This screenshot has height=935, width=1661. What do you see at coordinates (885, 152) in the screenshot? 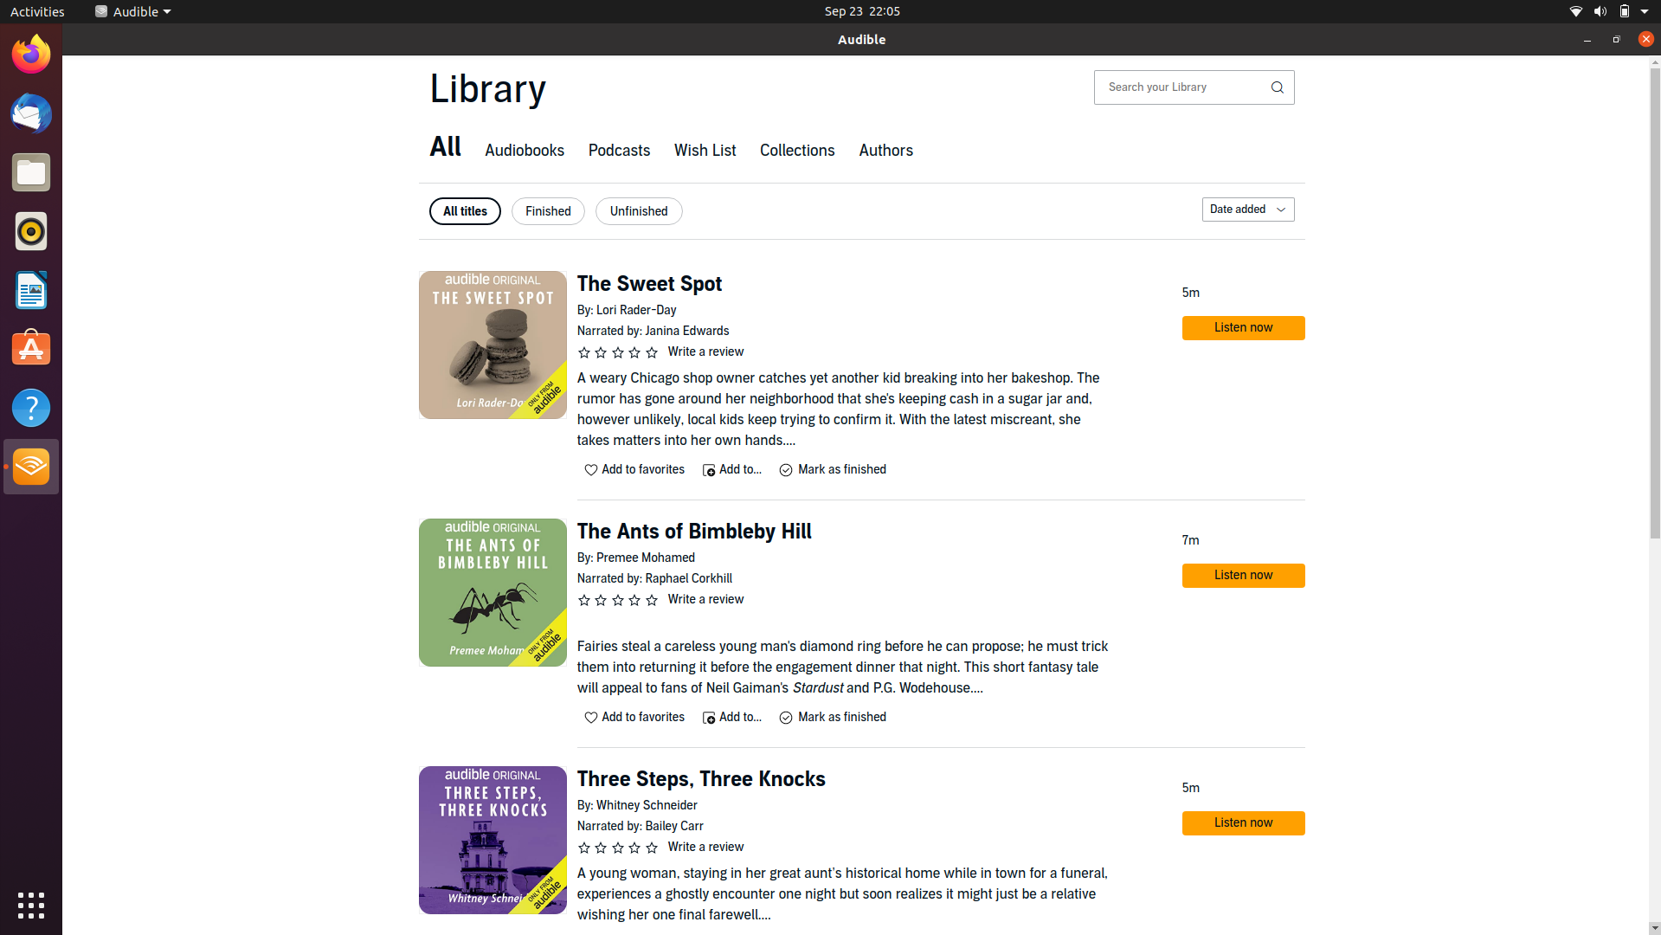
I see `"Authors" section` at bounding box center [885, 152].